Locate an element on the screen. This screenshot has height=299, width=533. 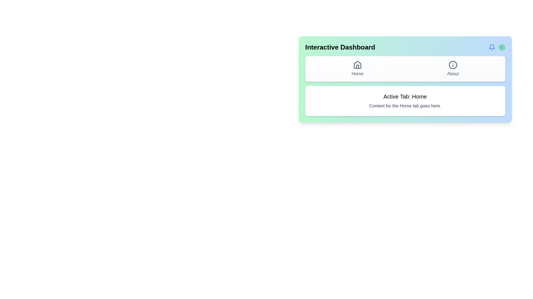
the decorative circular graphical component within the 'About' button, which is part of the informational icon styled with a dark border is located at coordinates (453, 65).